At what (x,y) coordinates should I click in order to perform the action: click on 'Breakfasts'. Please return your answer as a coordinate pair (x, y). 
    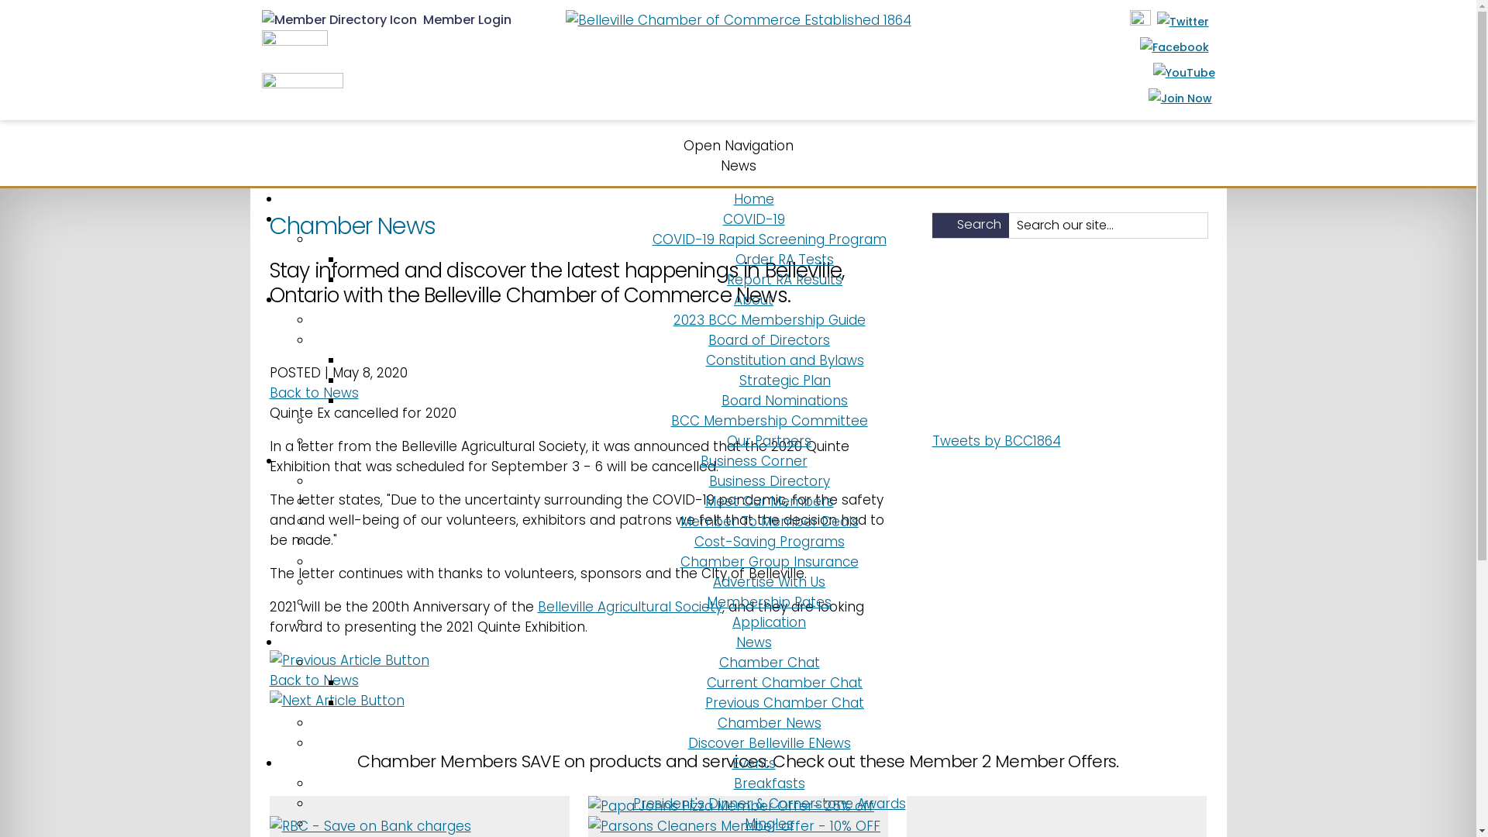
    Looking at the image, I should click on (769, 783).